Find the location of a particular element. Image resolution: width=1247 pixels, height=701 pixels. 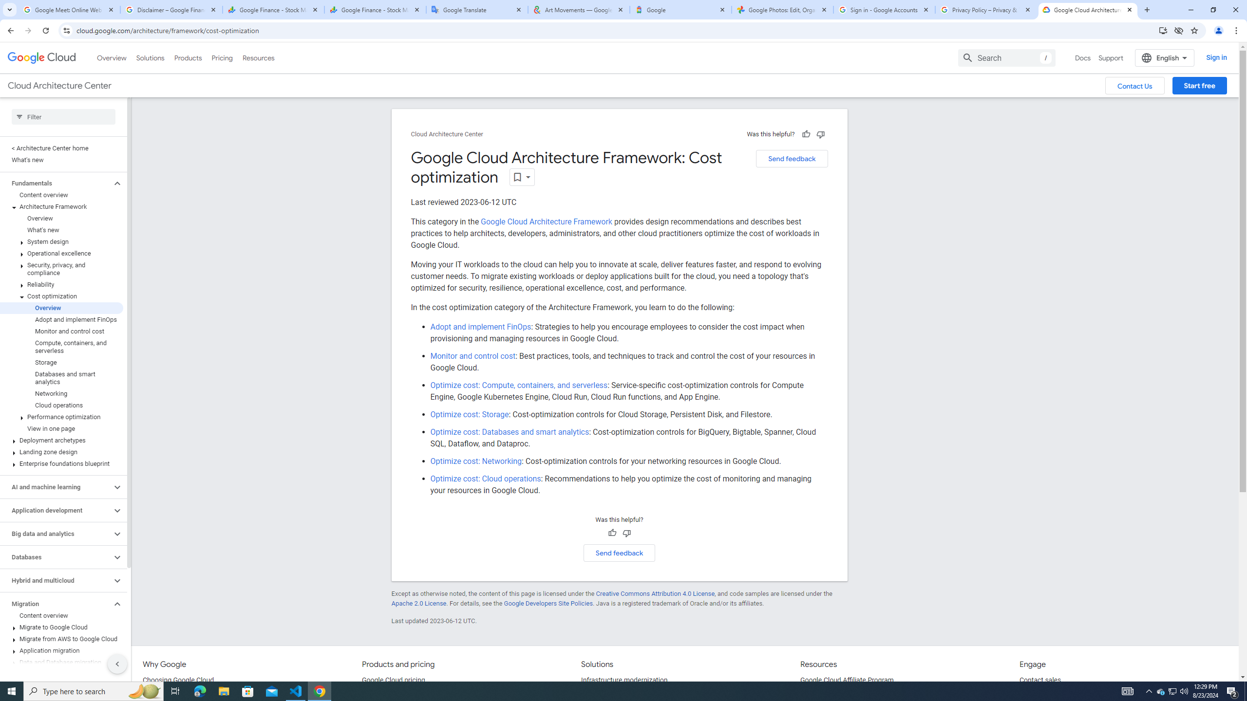

'Contact sales' is located at coordinates (1040, 680).